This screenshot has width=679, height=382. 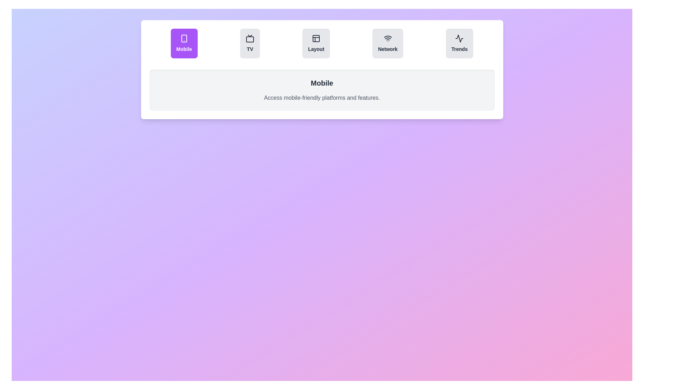 I want to click on the 'Mobile' icon located at the top-left of the horizontal navigation bar, so click(x=184, y=38).